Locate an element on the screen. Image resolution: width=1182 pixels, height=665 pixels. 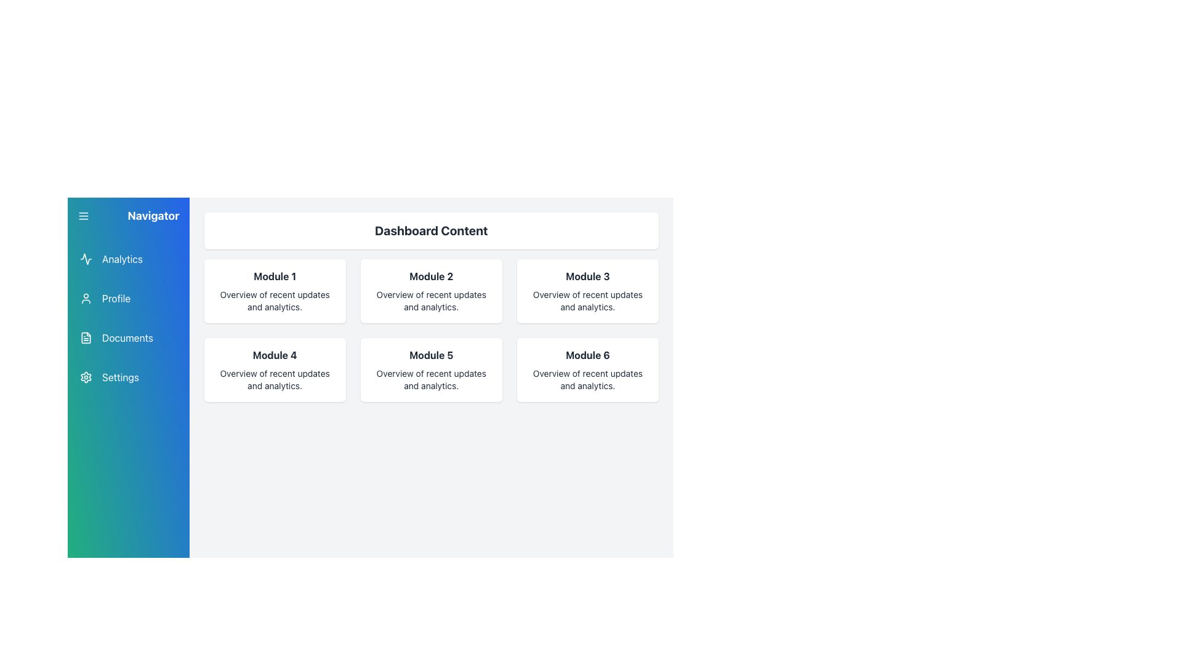
the controls associated with the Informational Card titled 'Module 5', which is a rectangular card with a white background and rounded corners located in the second row, middle column of the grid is located at coordinates (431, 369).